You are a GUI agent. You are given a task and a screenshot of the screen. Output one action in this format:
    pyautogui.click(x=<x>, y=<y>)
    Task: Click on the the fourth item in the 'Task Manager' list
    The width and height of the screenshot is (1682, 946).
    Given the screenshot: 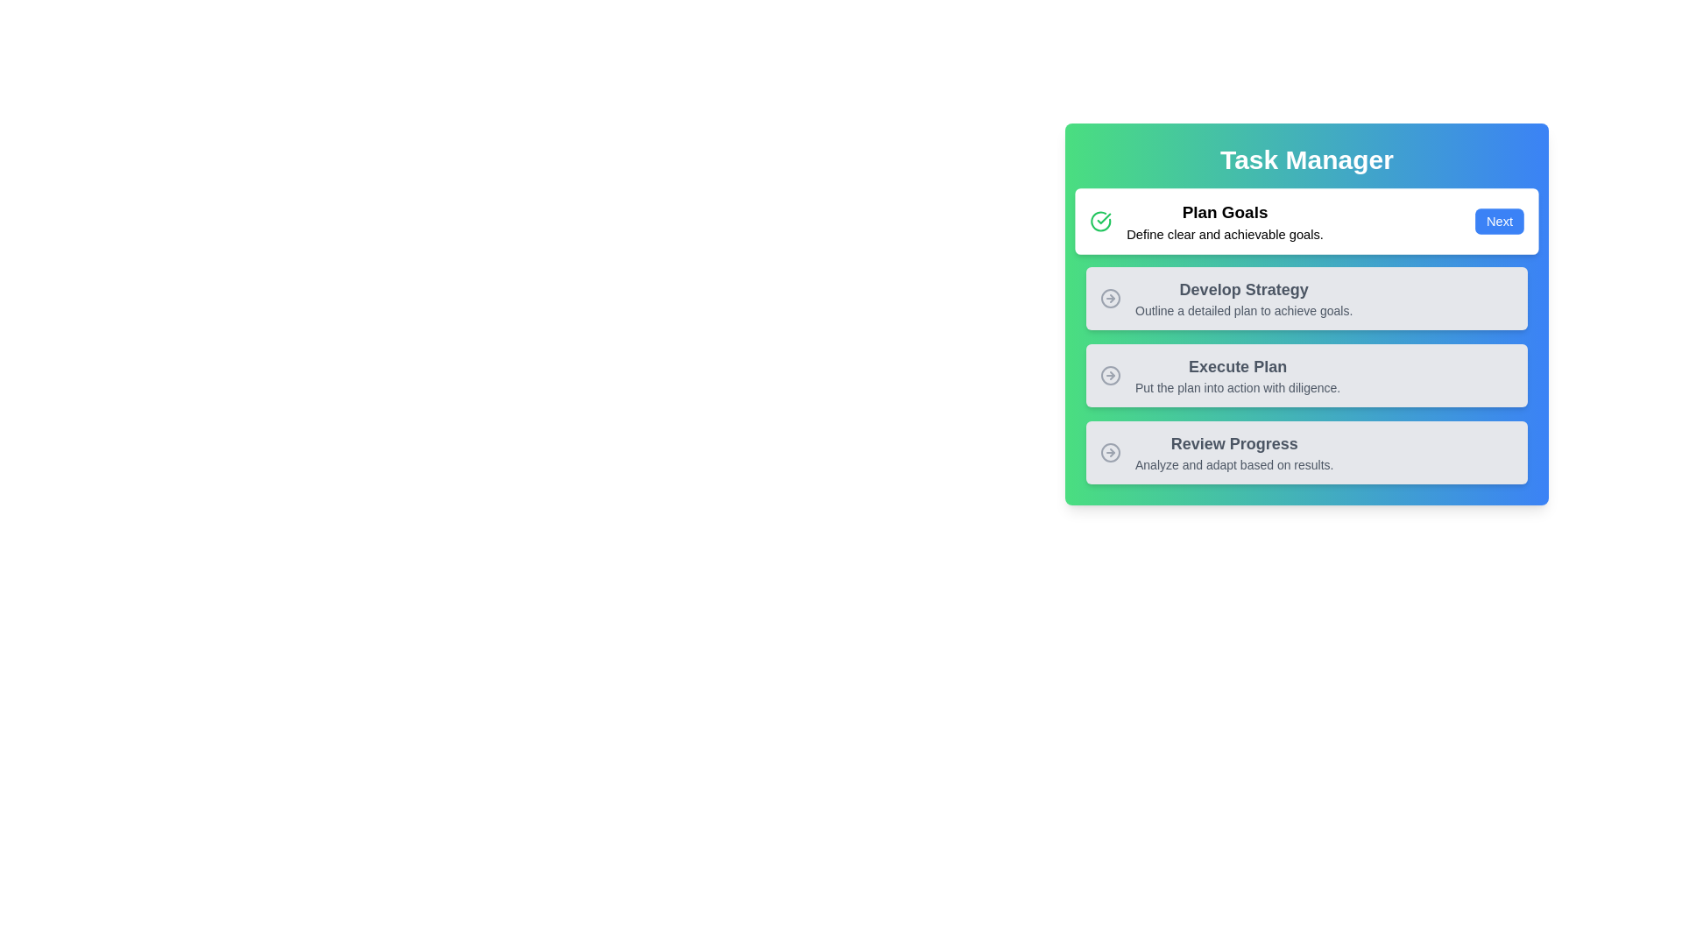 What is the action you would take?
    pyautogui.click(x=1216, y=451)
    